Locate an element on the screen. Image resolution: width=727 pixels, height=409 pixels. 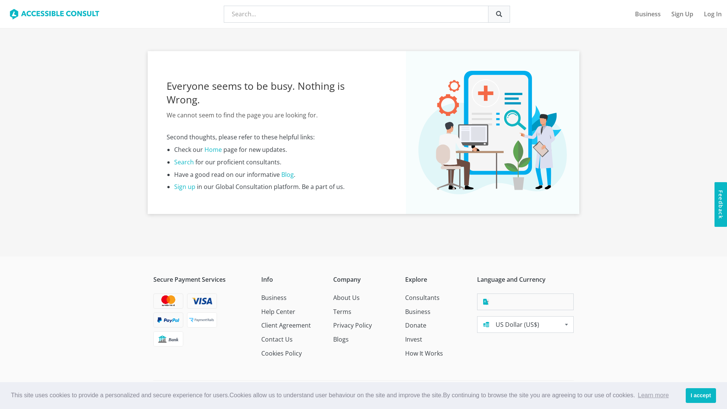
'Cookies Policy' is located at coordinates (281, 353).